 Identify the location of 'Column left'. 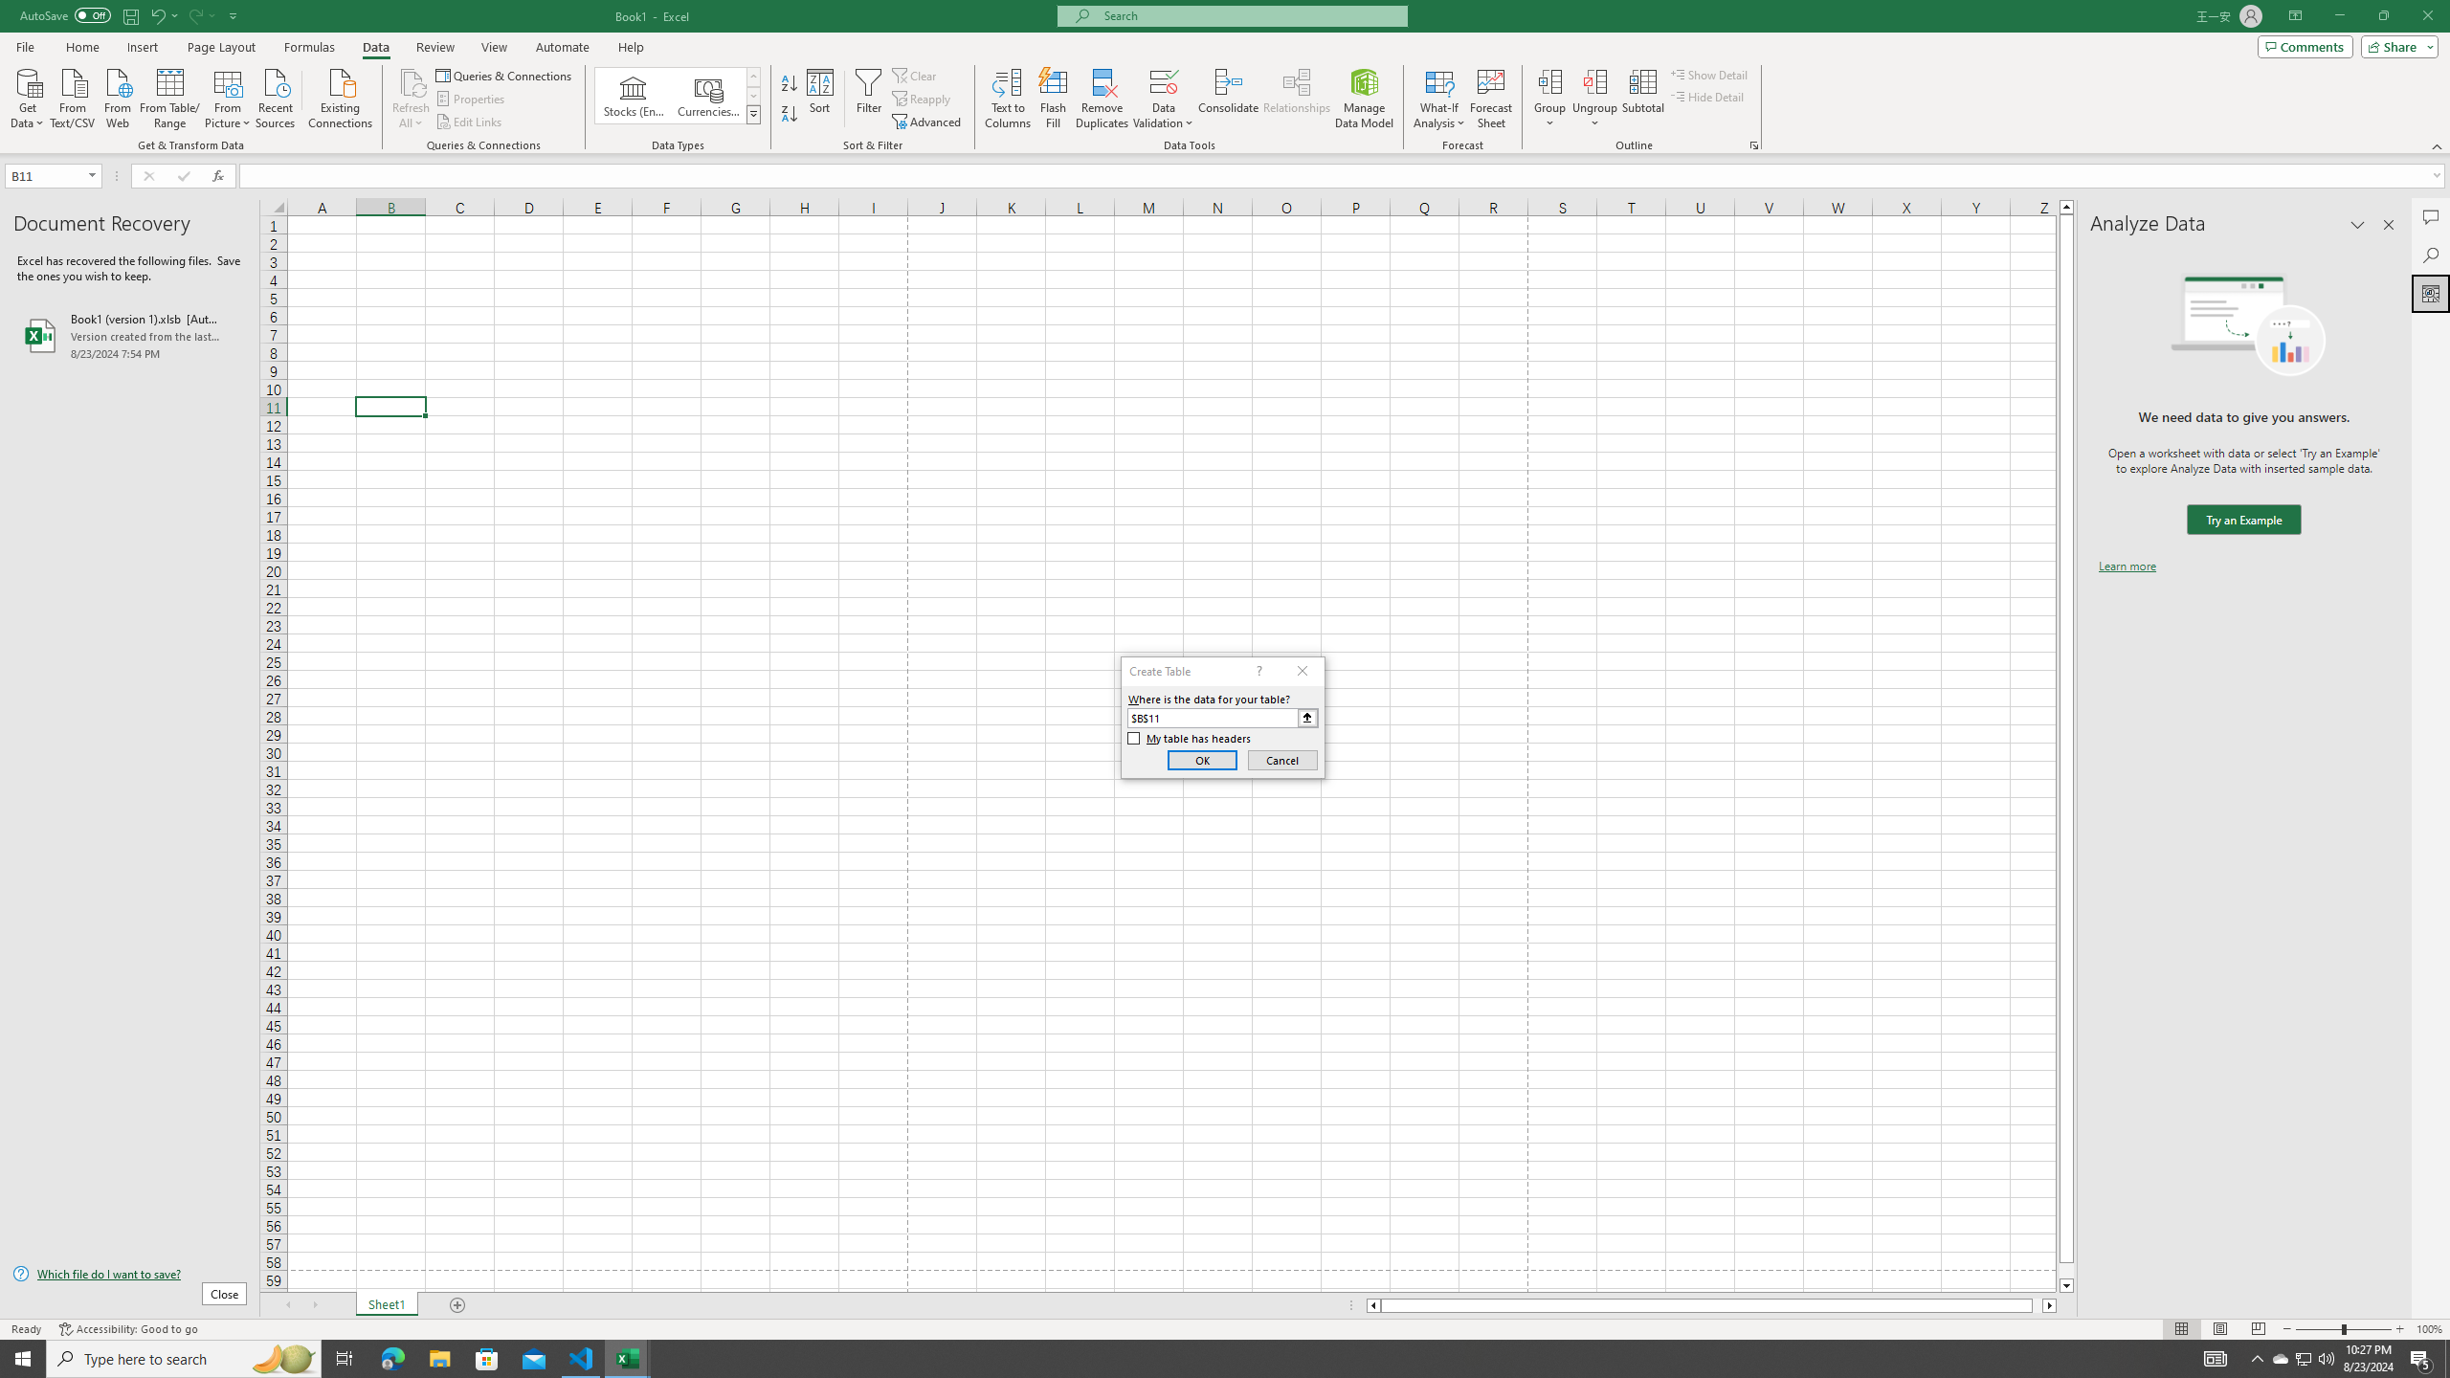
(1372, 1304).